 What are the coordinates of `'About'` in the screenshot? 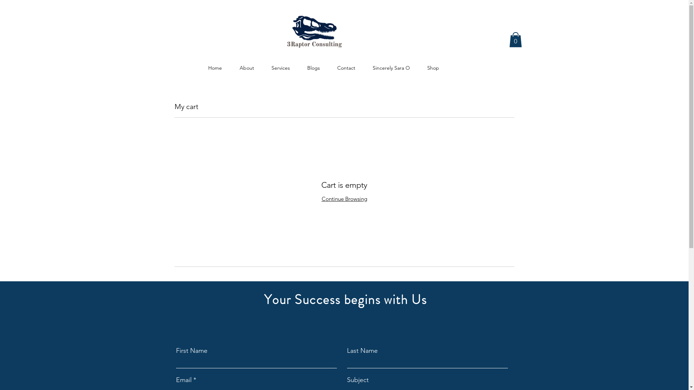 It's located at (247, 64).